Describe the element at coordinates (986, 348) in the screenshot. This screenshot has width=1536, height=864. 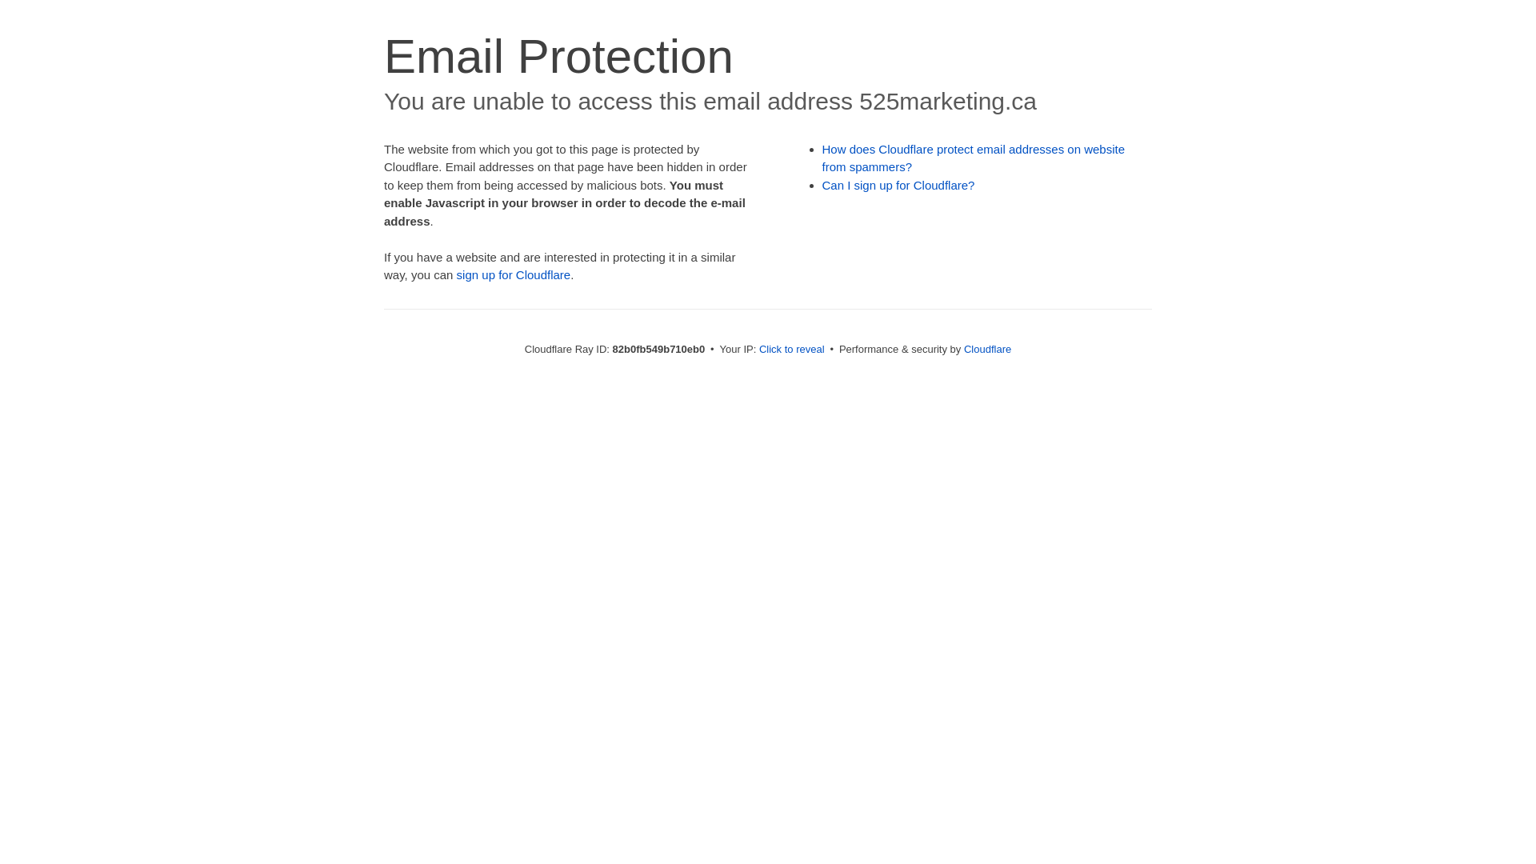
I see `'Cloudflare'` at that location.